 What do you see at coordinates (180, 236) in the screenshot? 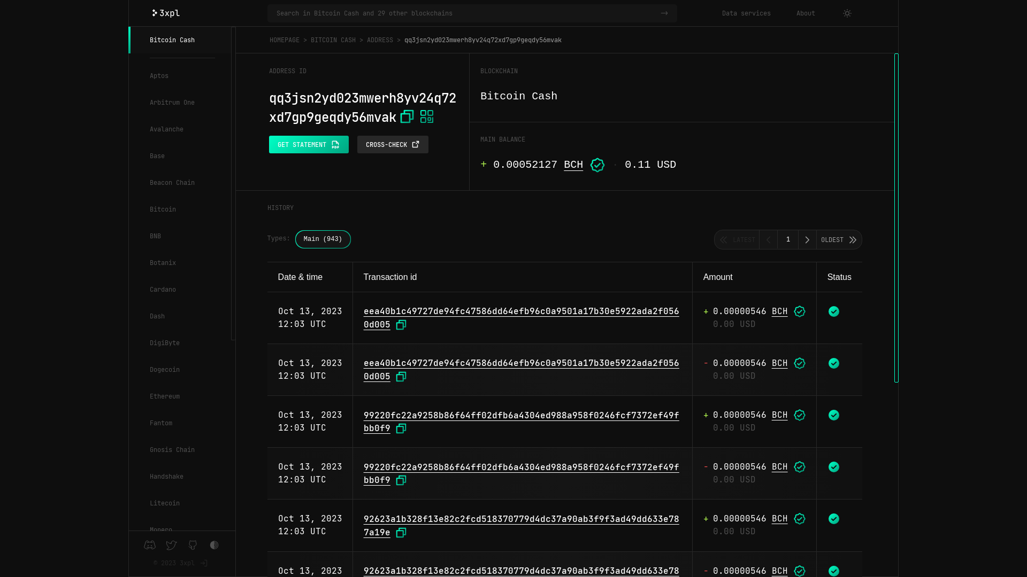
I see `'BNB'` at bounding box center [180, 236].